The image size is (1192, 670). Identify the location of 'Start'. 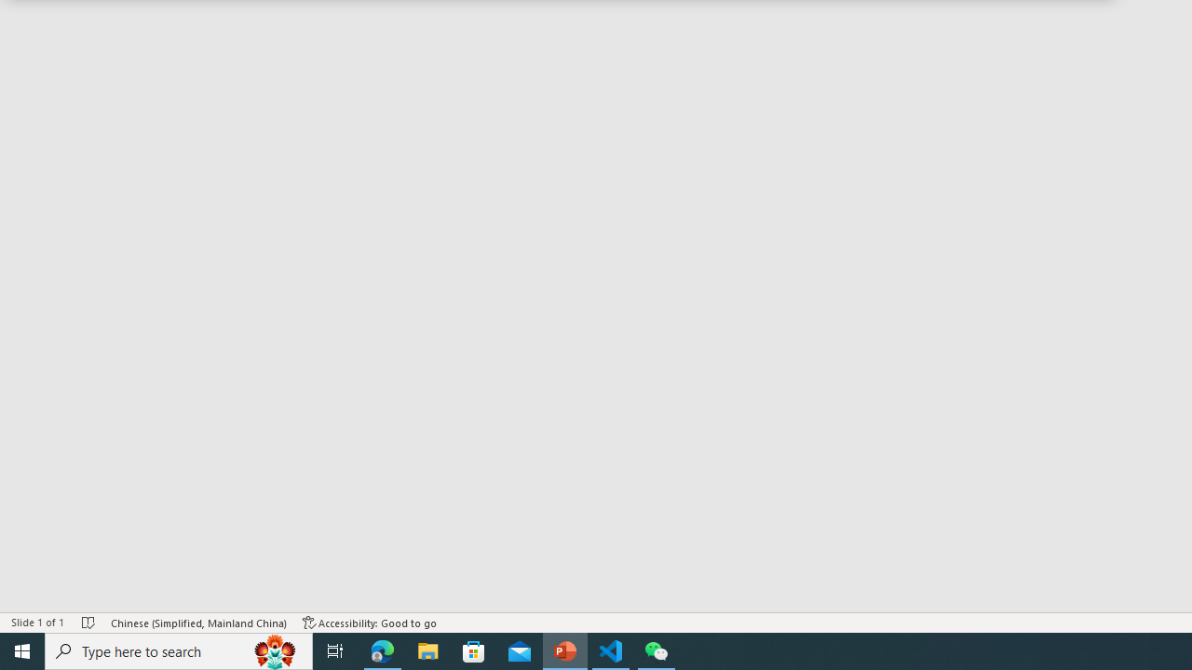
(22, 650).